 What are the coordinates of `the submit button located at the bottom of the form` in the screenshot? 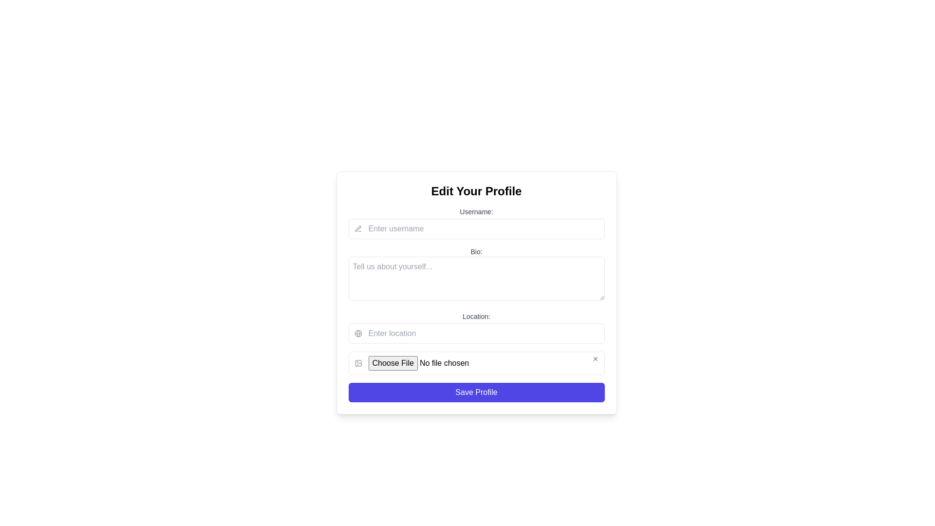 It's located at (476, 392).